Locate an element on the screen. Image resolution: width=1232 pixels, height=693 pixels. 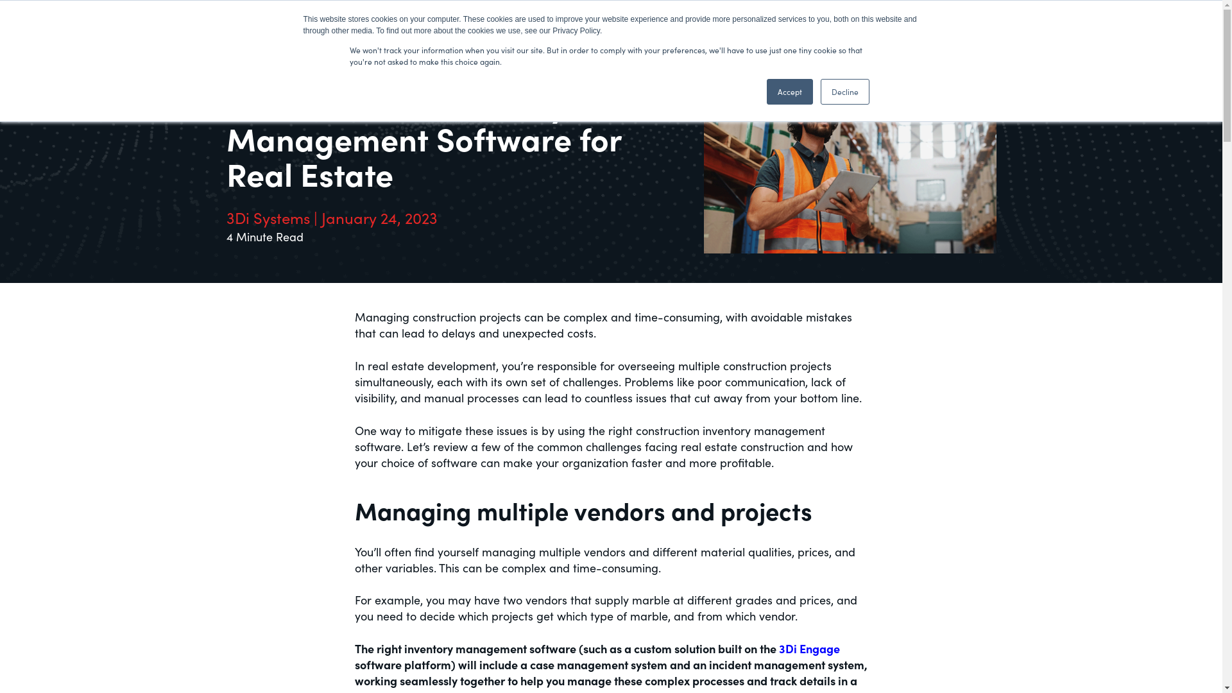
'Accept' is located at coordinates (788, 90).